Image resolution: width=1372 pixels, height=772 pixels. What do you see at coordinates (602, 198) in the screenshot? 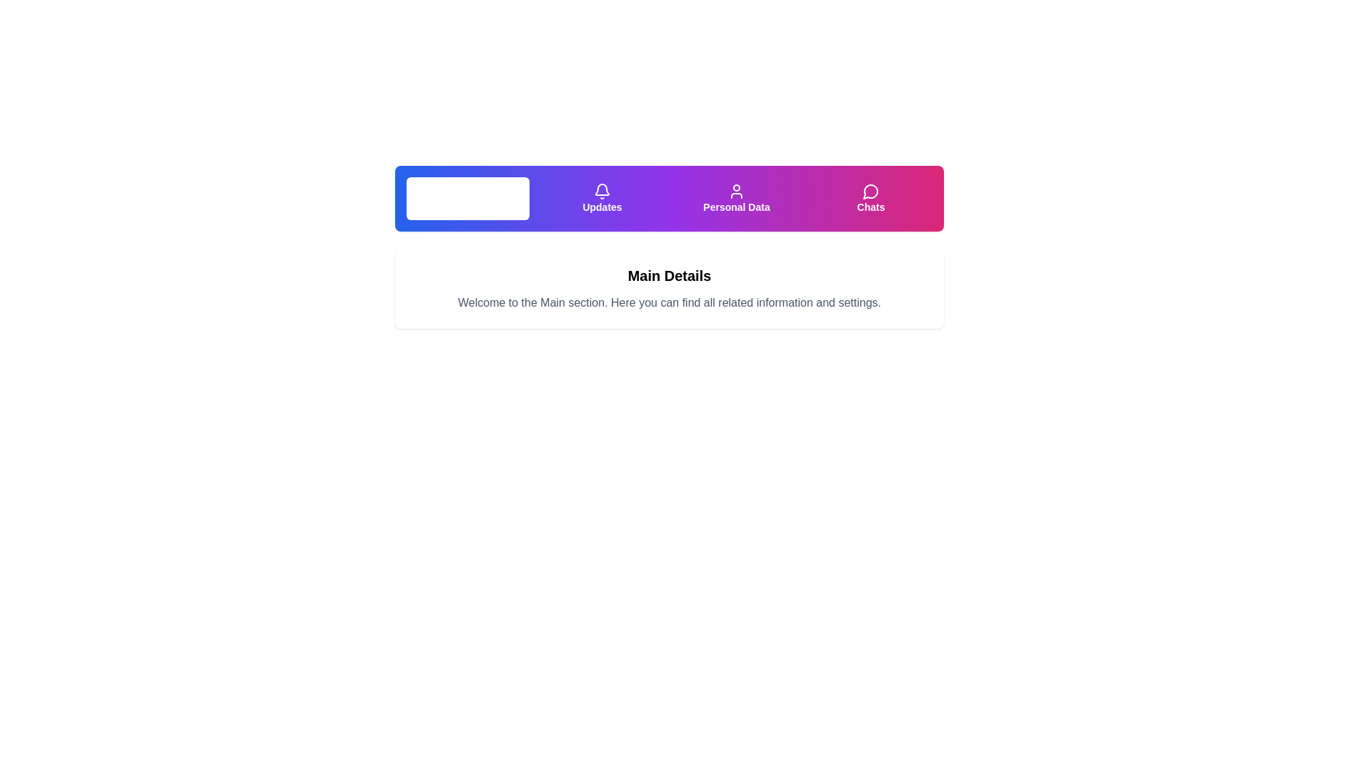
I see `the 'Updates' navigation button located between the 'Main Section' and 'Personal Data' buttons` at bounding box center [602, 198].